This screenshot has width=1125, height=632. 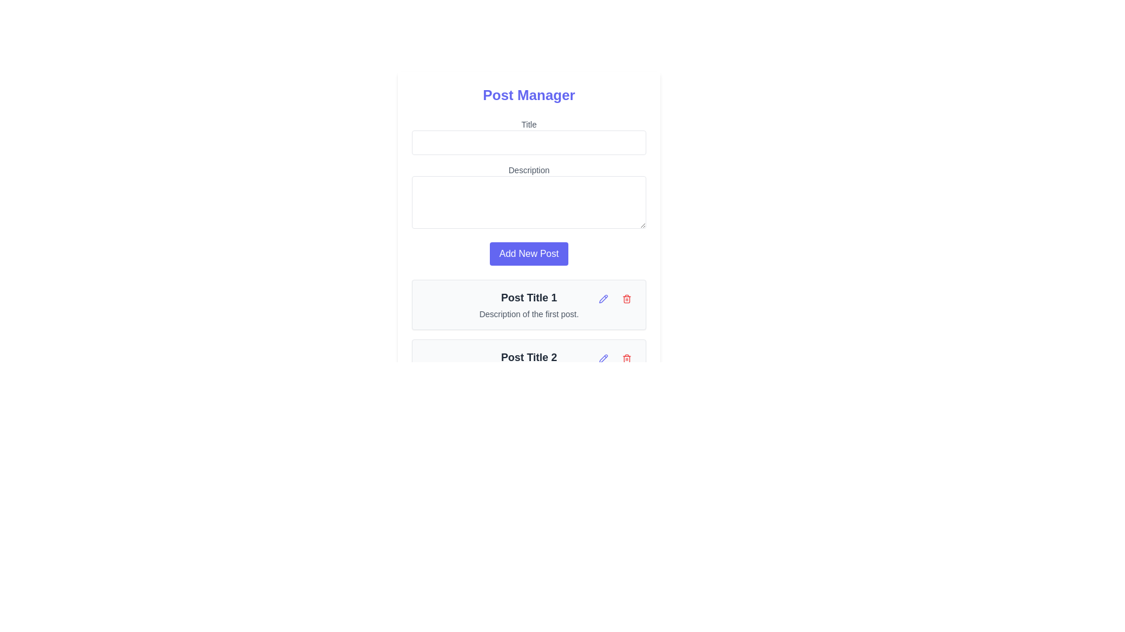 What do you see at coordinates (604, 298) in the screenshot?
I see `the pencil icon with a light blue outline within the circular button associated with 'Post Title 2' for visual feedback` at bounding box center [604, 298].